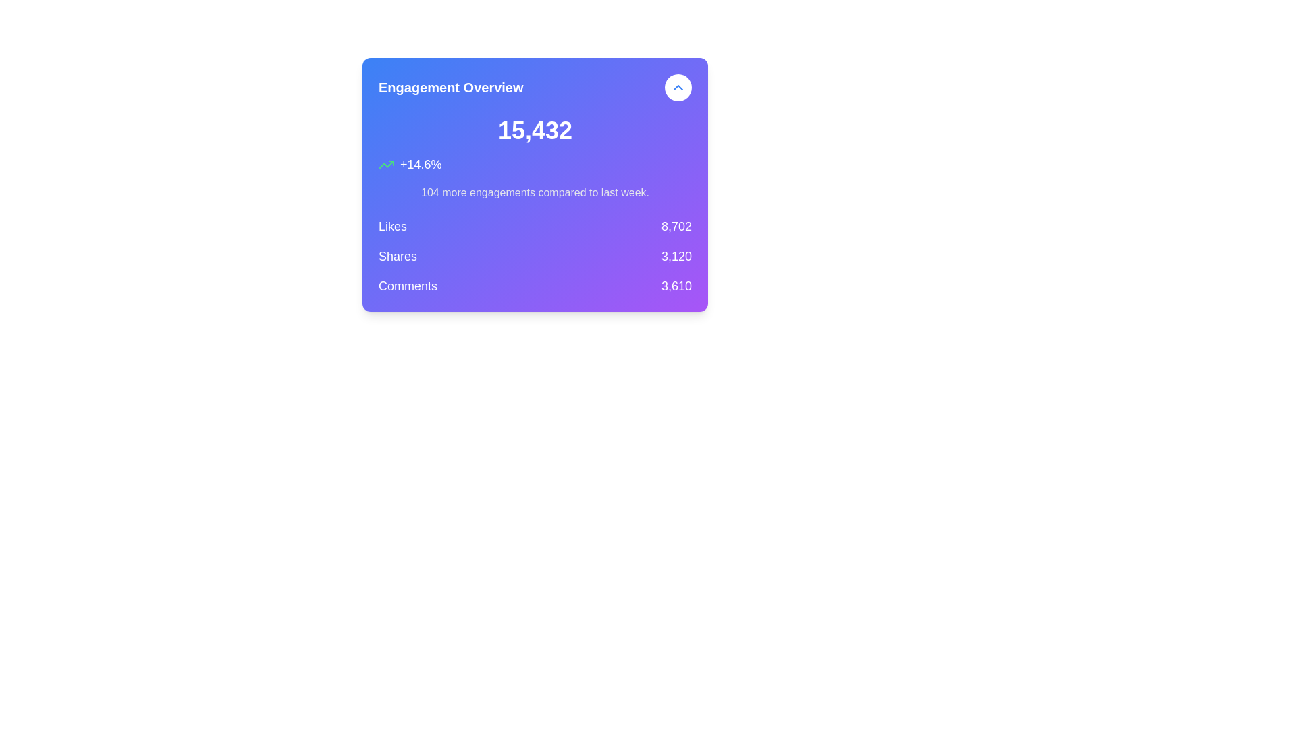 The height and width of the screenshot is (729, 1296). What do you see at coordinates (534, 192) in the screenshot?
I see `textual information displayed in the text label that states '104 more engagements compared to last week.' This label is styled with light gray color and is located within the 'Engagement Overview' card, positioned between a percentage change indicator and a list of metrics` at bounding box center [534, 192].